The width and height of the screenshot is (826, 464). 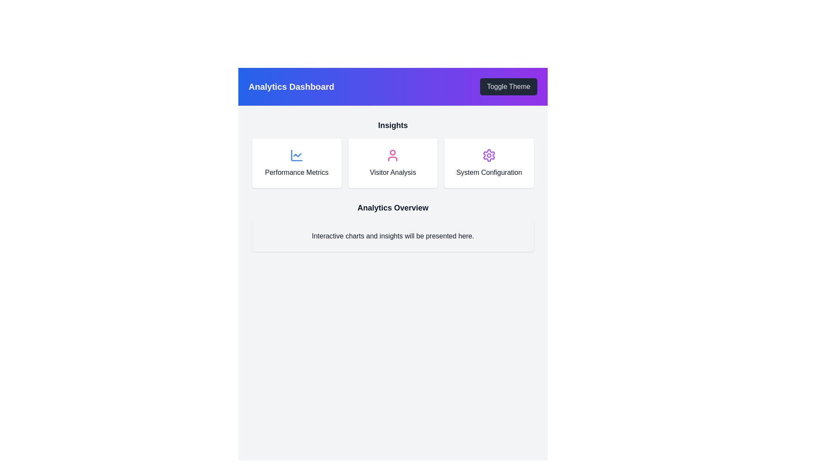 What do you see at coordinates (296, 163) in the screenshot?
I see `the 'Performance Metrics' card element in the 'Insights' section of the Analytics Dashboard` at bounding box center [296, 163].